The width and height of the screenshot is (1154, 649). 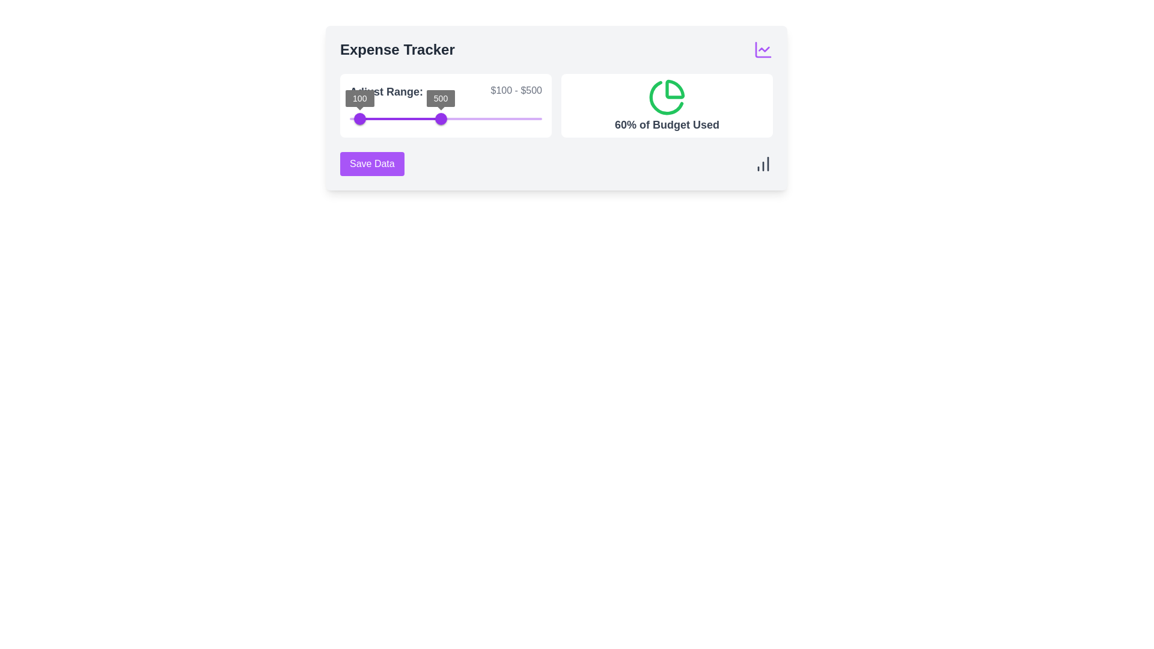 What do you see at coordinates (397, 120) in the screenshot?
I see `the target slider's value` at bounding box center [397, 120].